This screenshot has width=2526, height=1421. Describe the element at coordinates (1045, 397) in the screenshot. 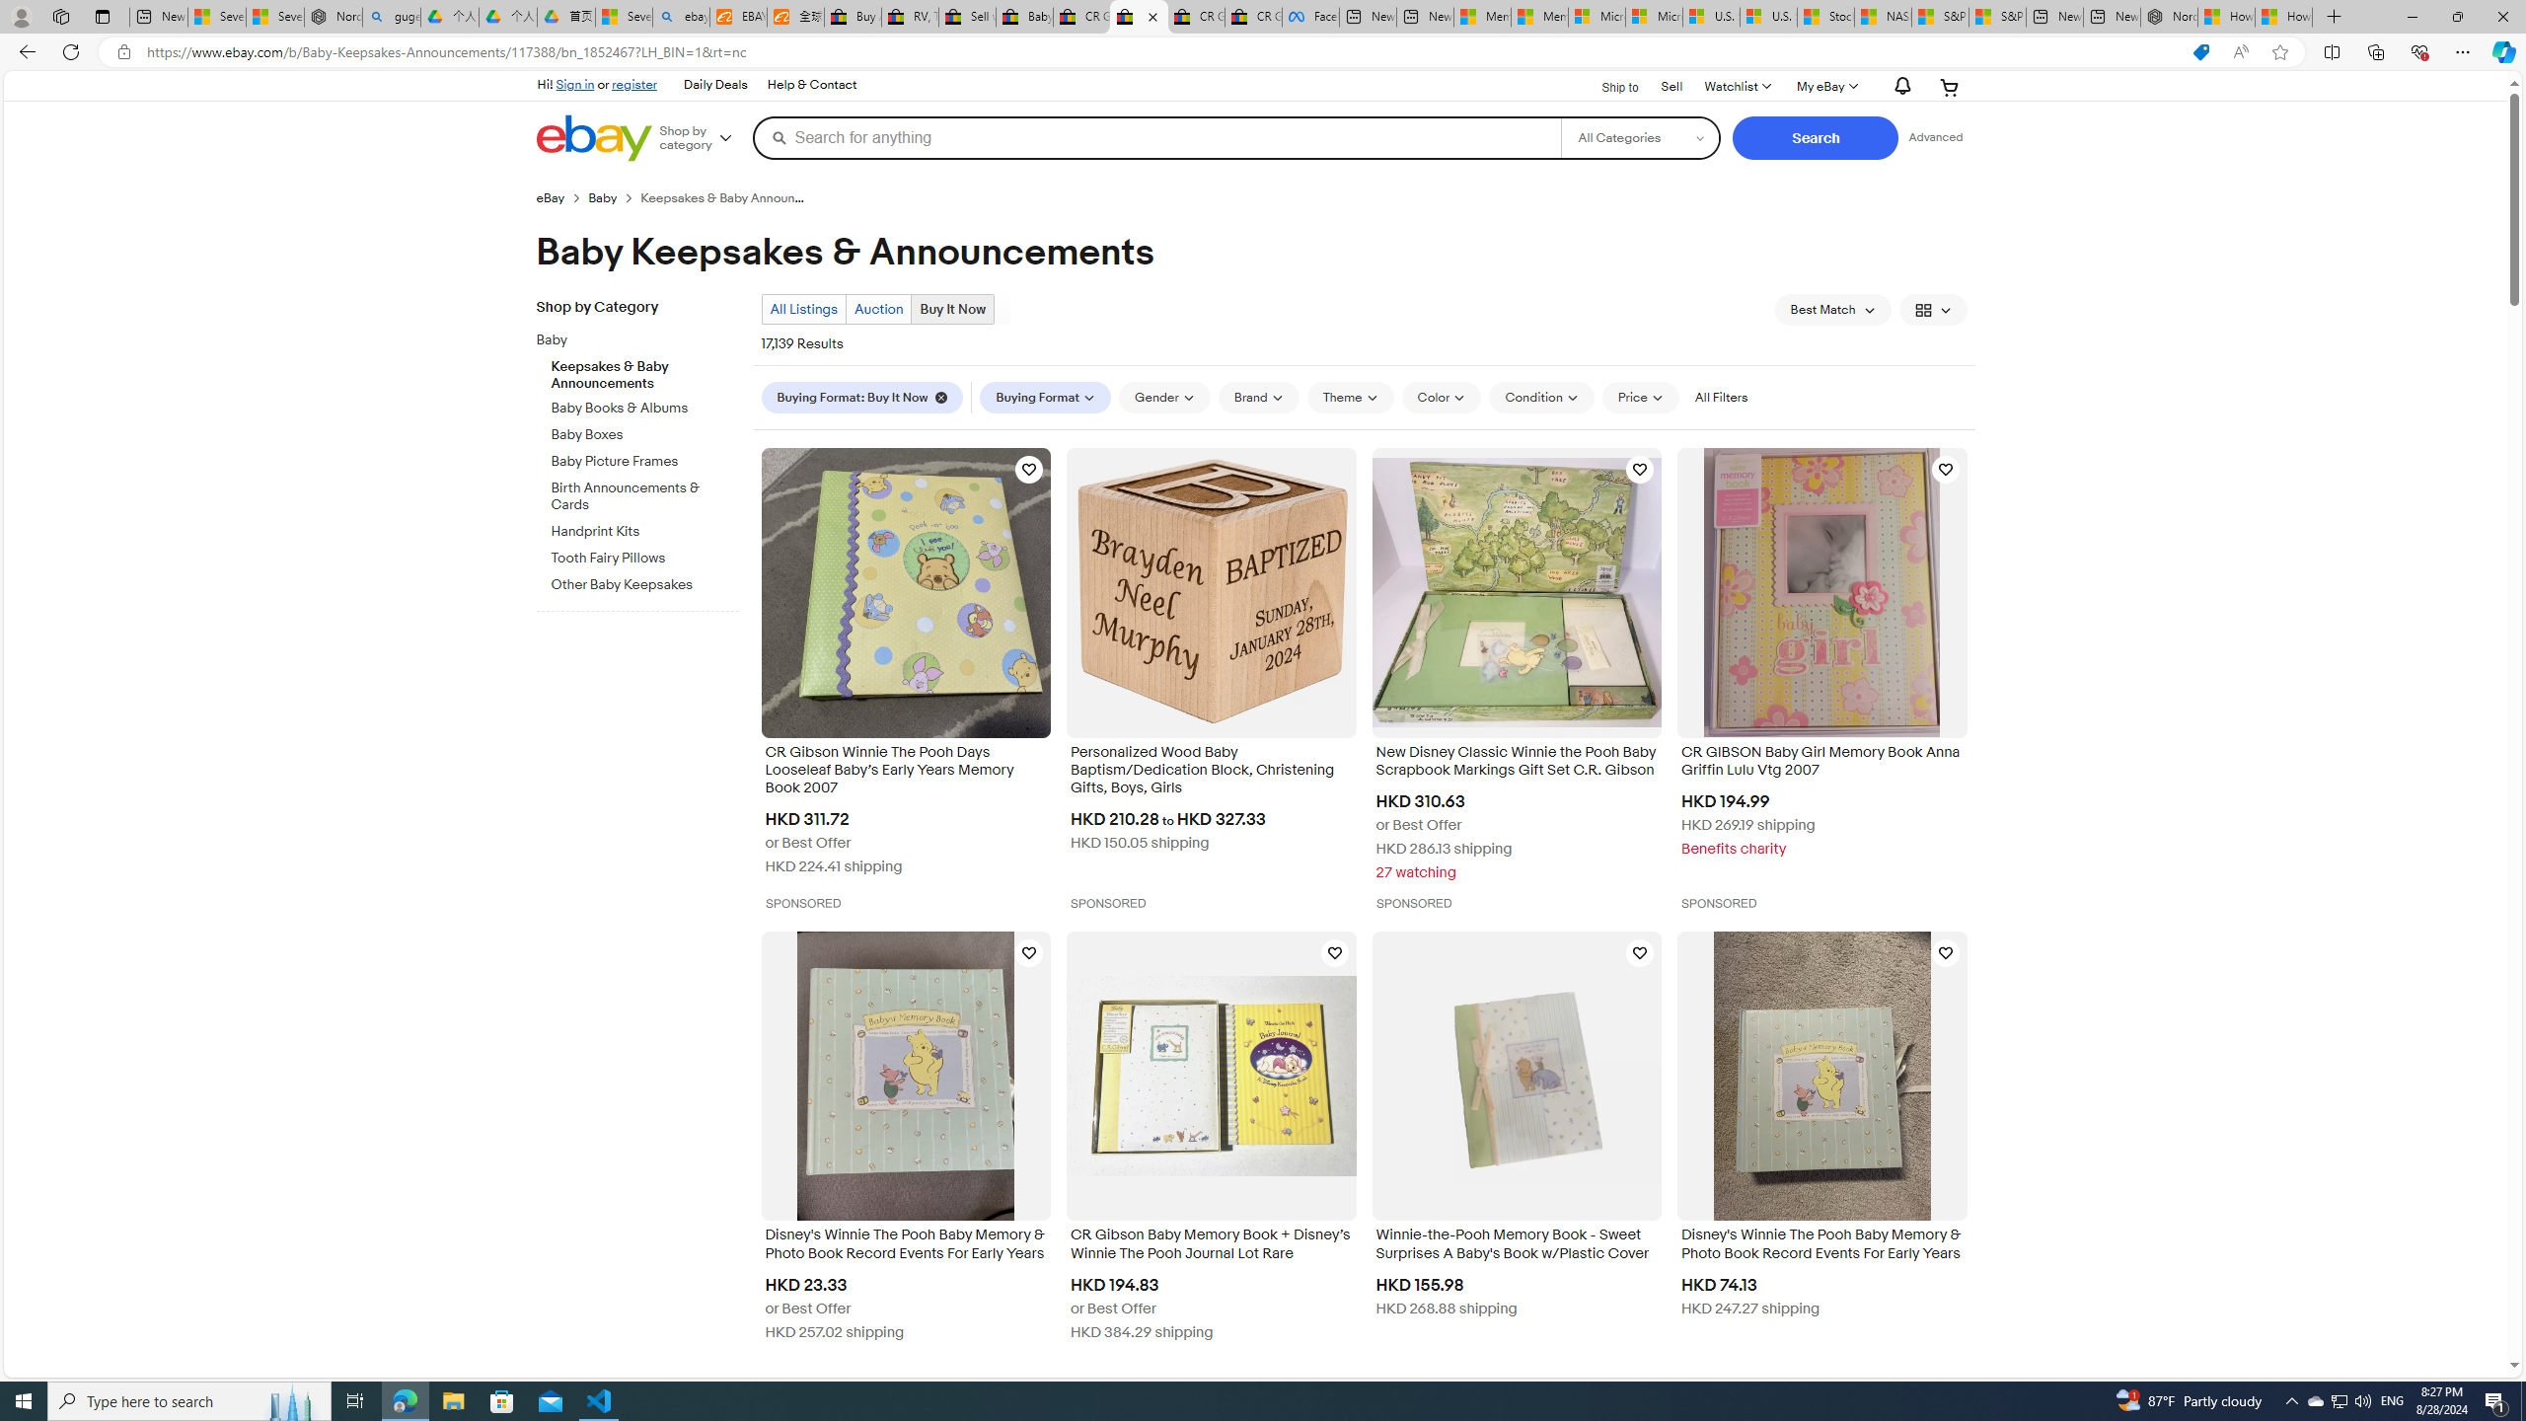

I see `'Buying Format'` at that location.